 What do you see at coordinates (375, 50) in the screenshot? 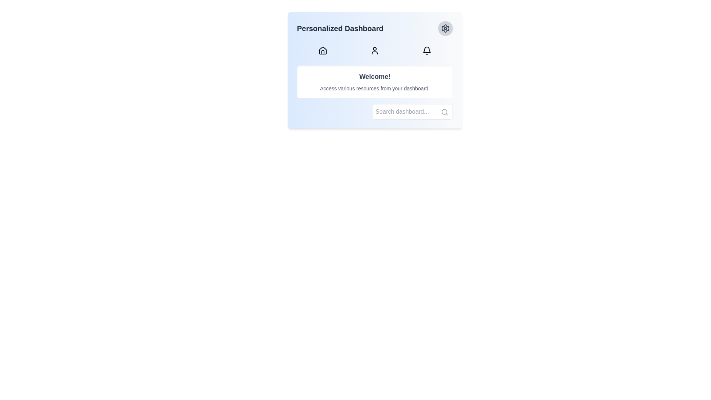
I see `the outlined user icon, which is the second icon from the left on the horizontal toolbar at the top of the dashboard card interface` at bounding box center [375, 50].